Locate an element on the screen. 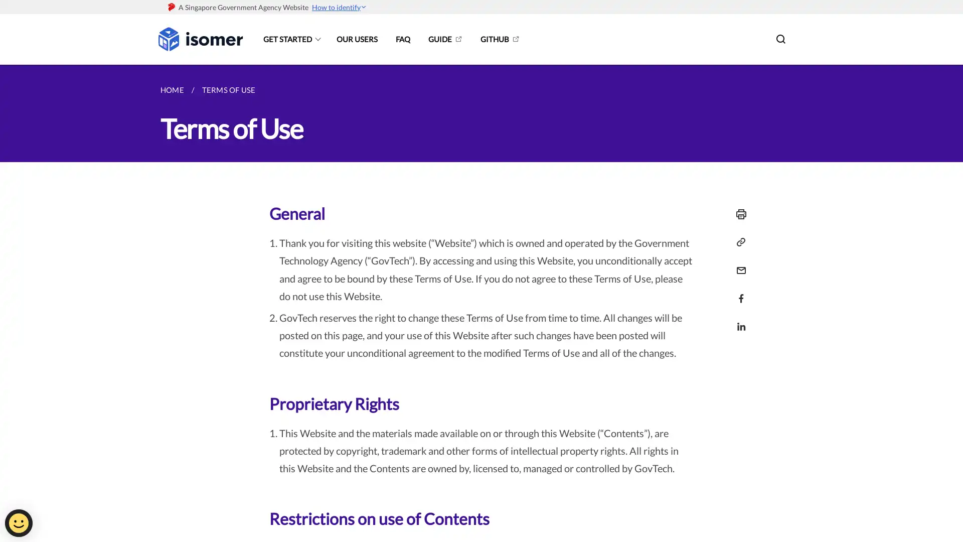  Print is located at coordinates (738, 214).